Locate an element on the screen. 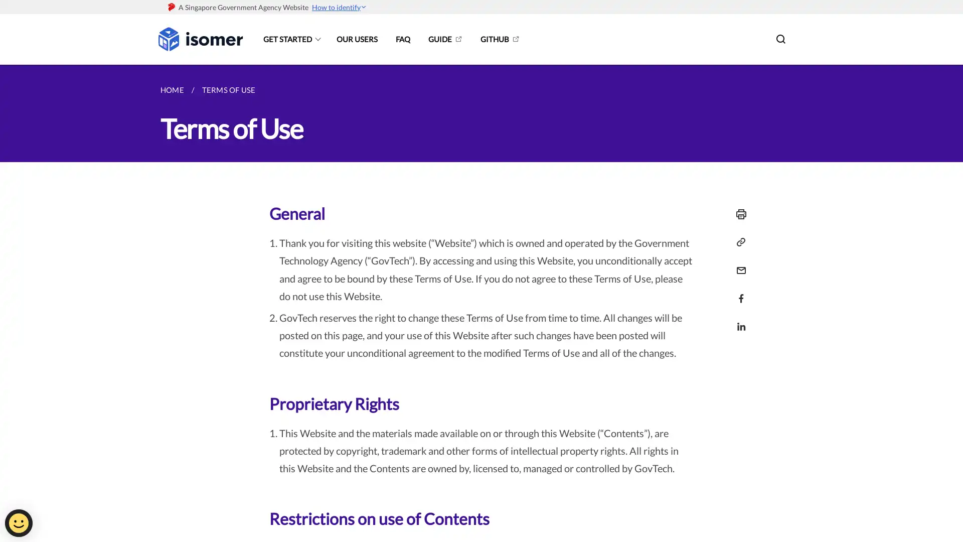  Print is located at coordinates (738, 214).